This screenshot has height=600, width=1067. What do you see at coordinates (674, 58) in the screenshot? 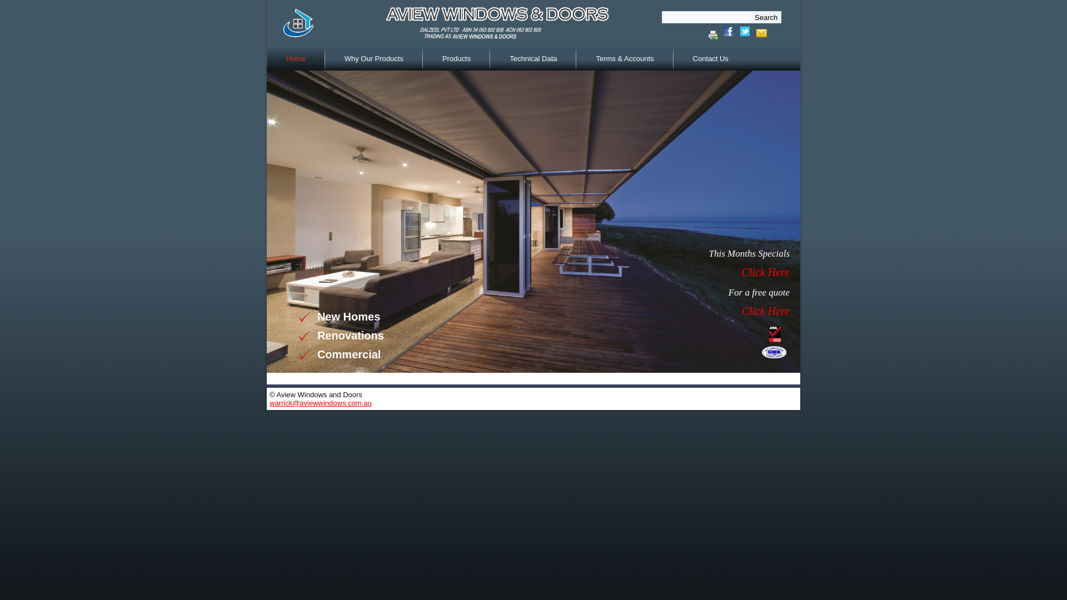
I see `'Contact Us'` at bounding box center [674, 58].